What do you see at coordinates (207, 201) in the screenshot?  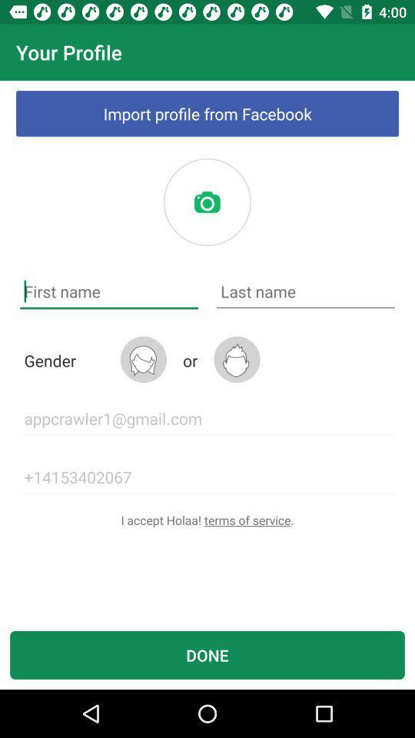 I see `camera image option` at bounding box center [207, 201].